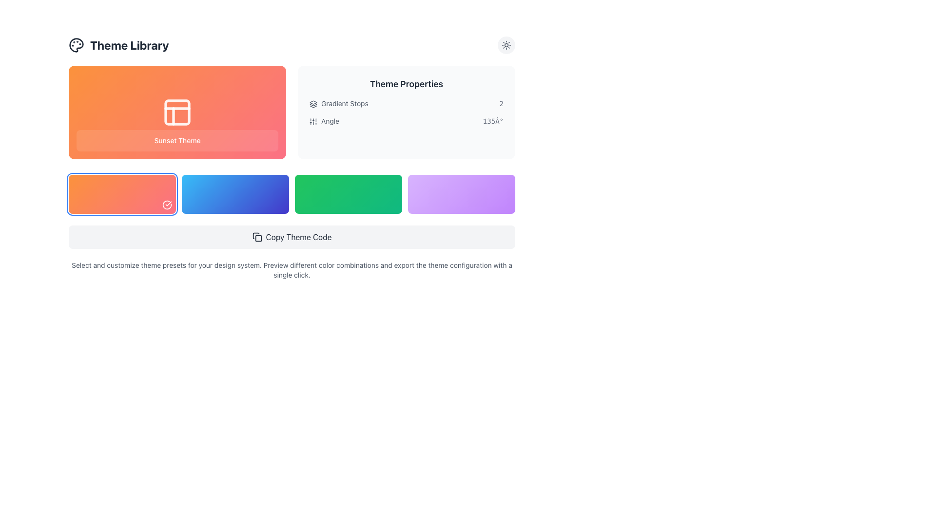  I want to click on the settings adjustment icon resembling vertical sliders, located to the left of the text 'Angle' in the 'Theme Properties' section, so click(313, 121).